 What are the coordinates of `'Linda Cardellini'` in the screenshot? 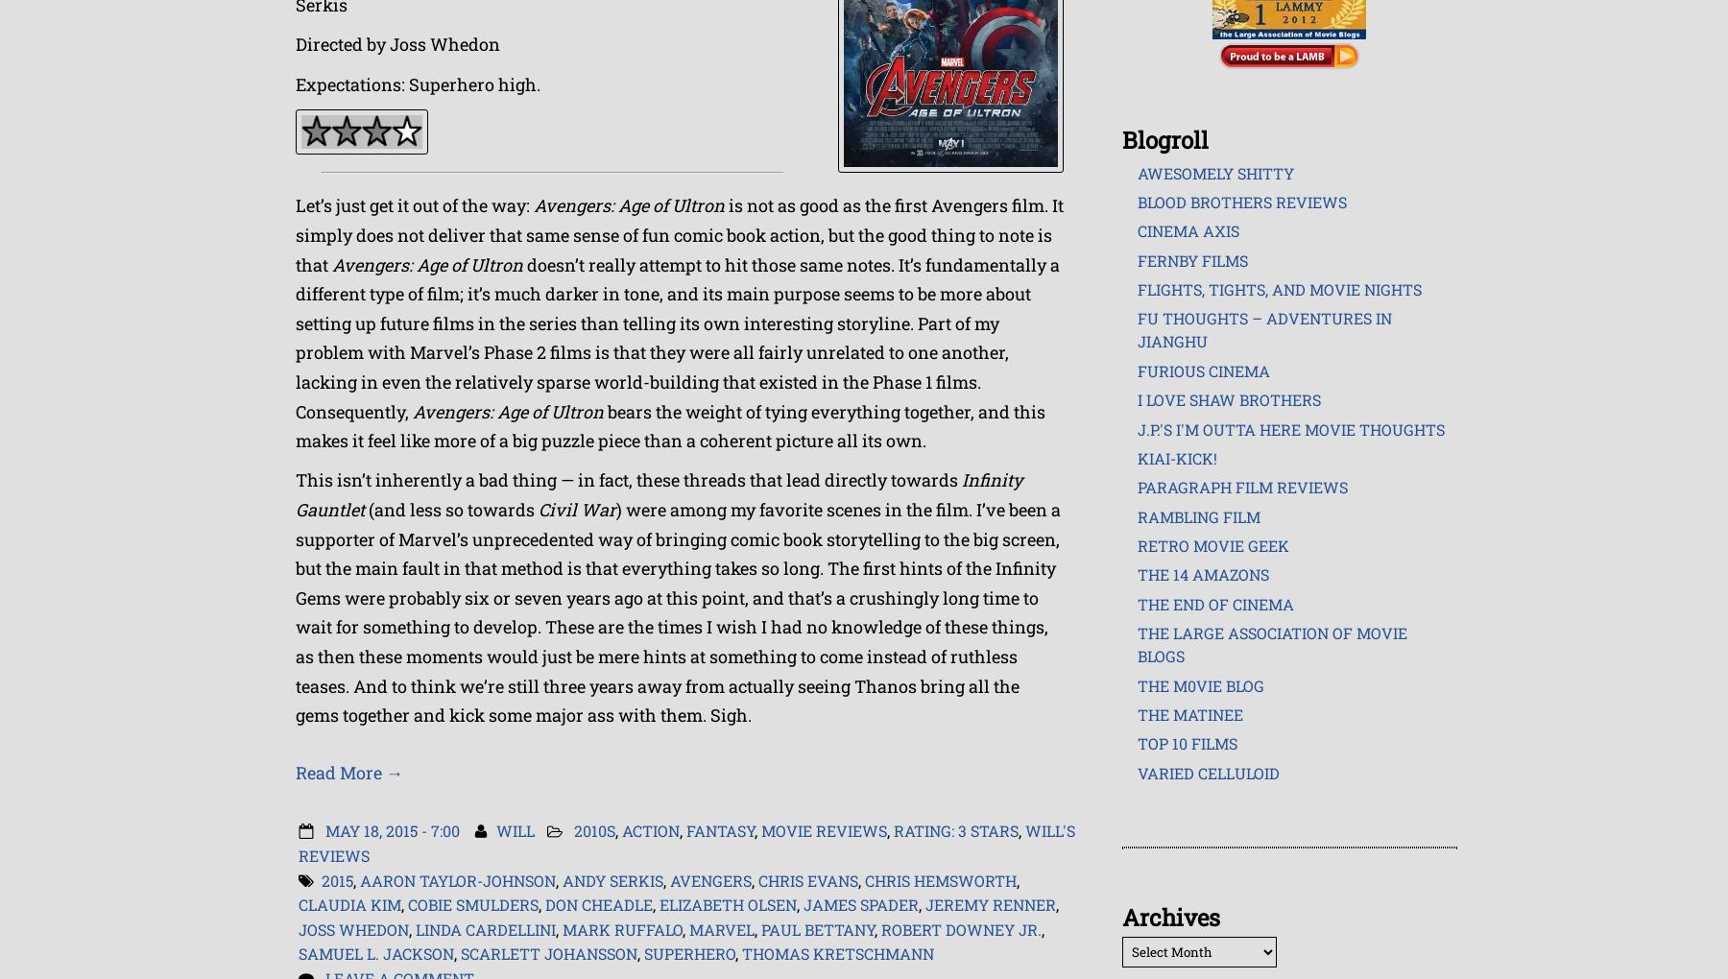 It's located at (484, 927).